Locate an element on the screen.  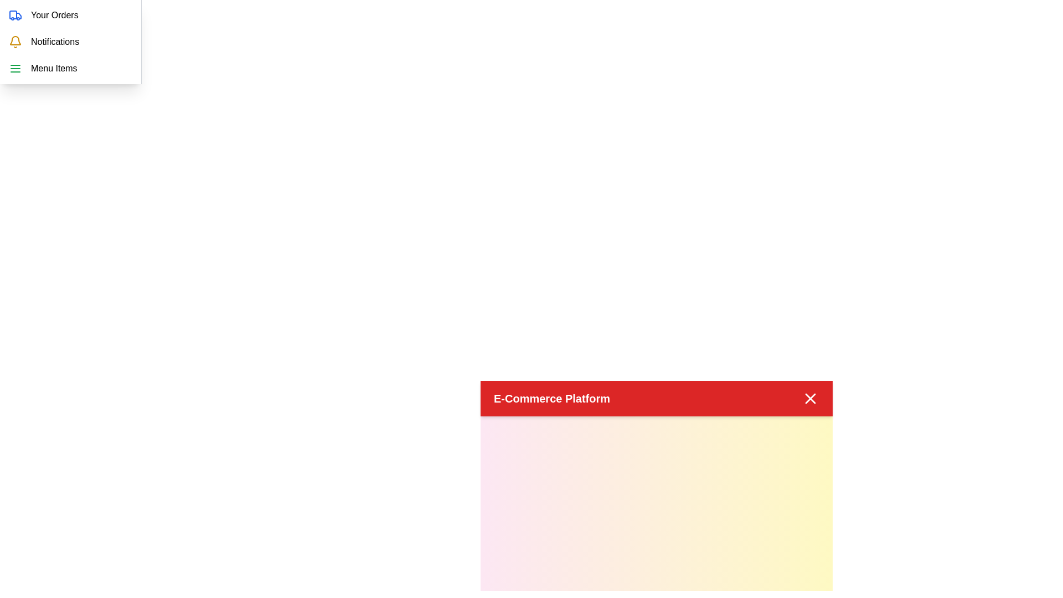
the third Navigation Link element labeled 'Menu Items' in the vertical list of options is located at coordinates (70, 68).